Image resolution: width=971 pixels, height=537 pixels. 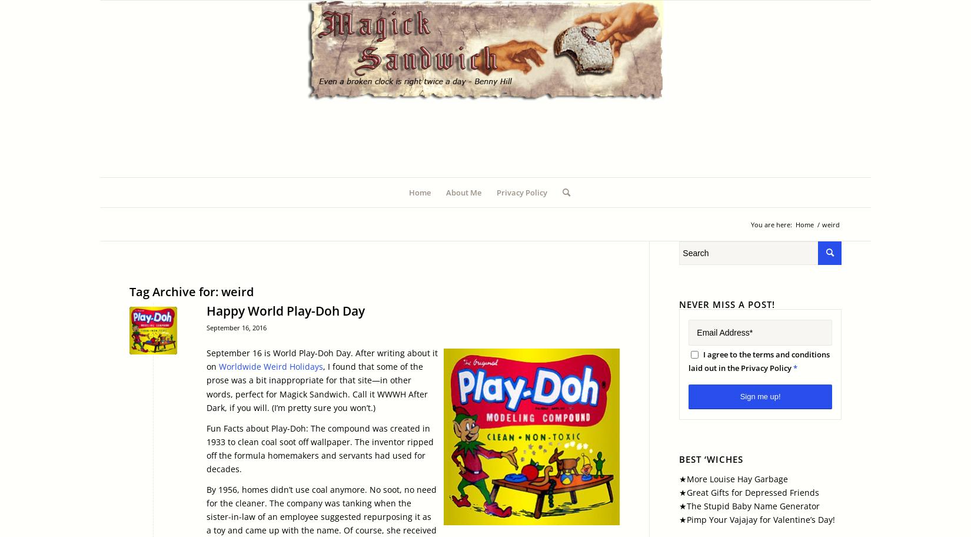 I want to click on 'Pimp Your Vajajay for Valentine’s Day!', so click(x=760, y=519).